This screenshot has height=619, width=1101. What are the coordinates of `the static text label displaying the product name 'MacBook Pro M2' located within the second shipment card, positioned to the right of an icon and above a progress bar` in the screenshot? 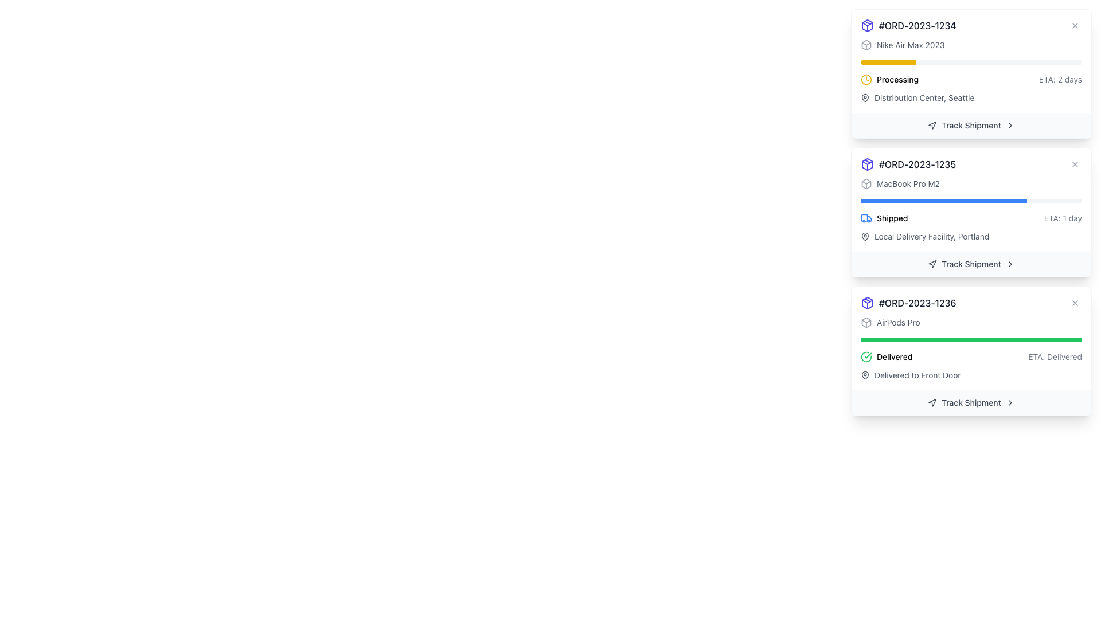 It's located at (908, 183).